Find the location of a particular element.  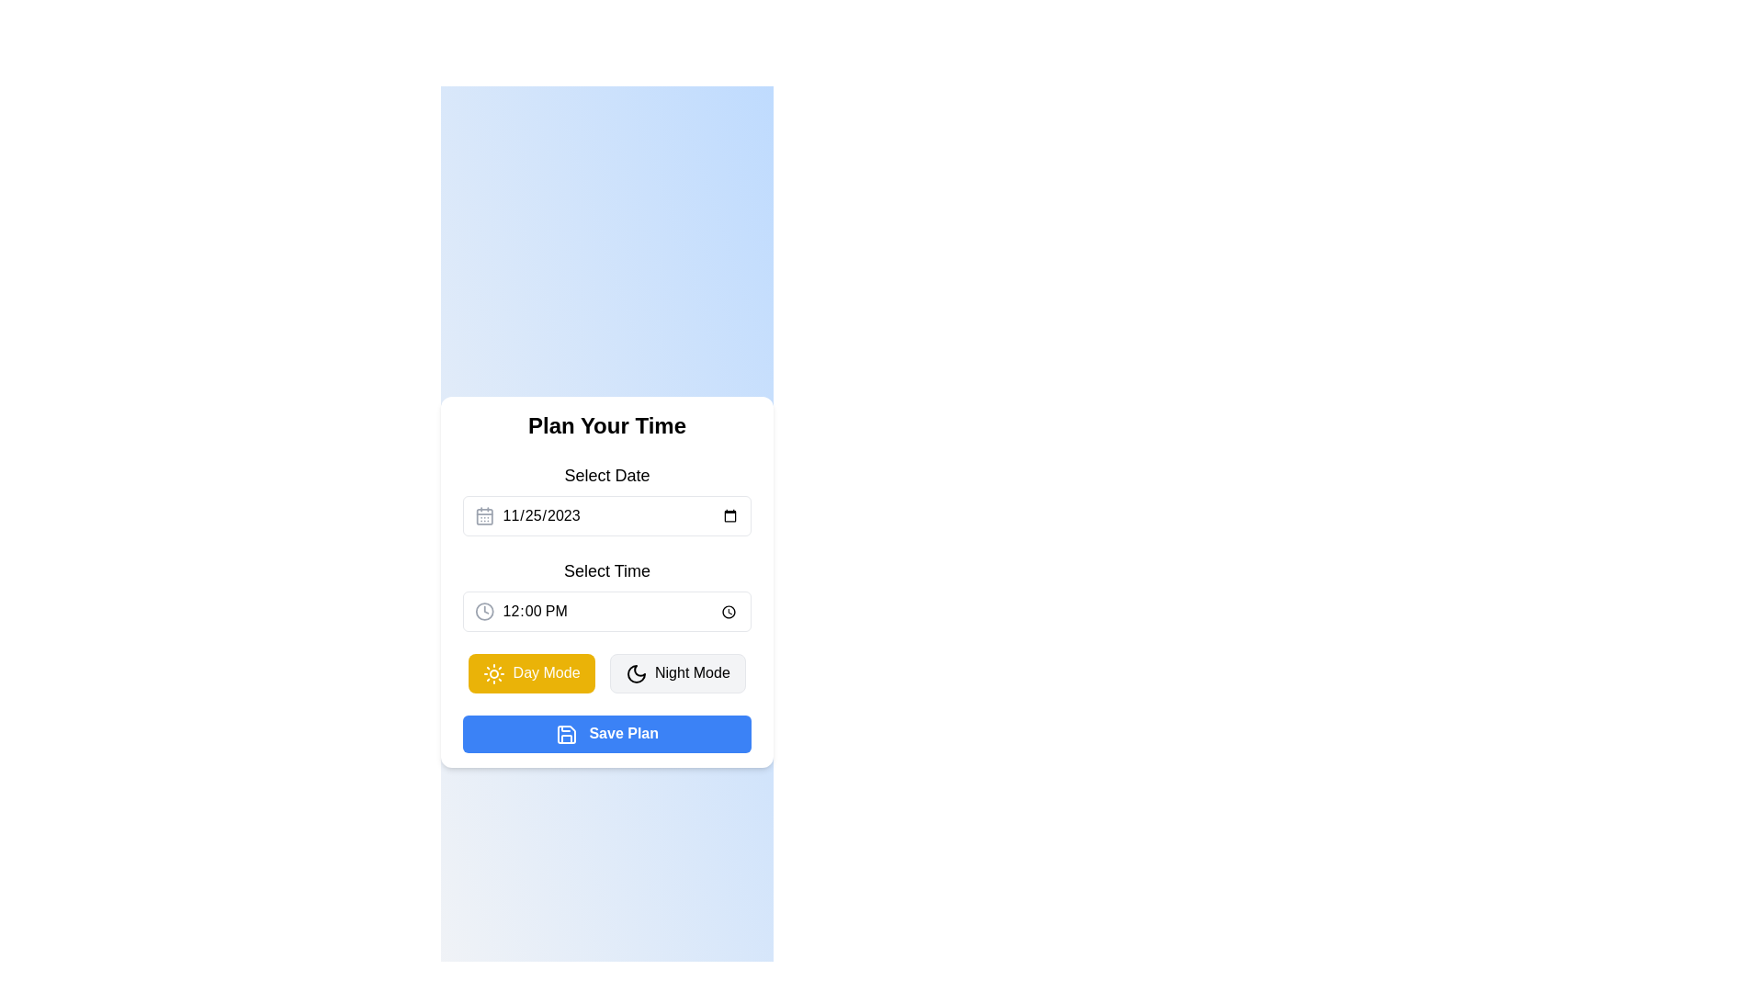

the Date Picker Input Field is located at coordinates (607, 499).